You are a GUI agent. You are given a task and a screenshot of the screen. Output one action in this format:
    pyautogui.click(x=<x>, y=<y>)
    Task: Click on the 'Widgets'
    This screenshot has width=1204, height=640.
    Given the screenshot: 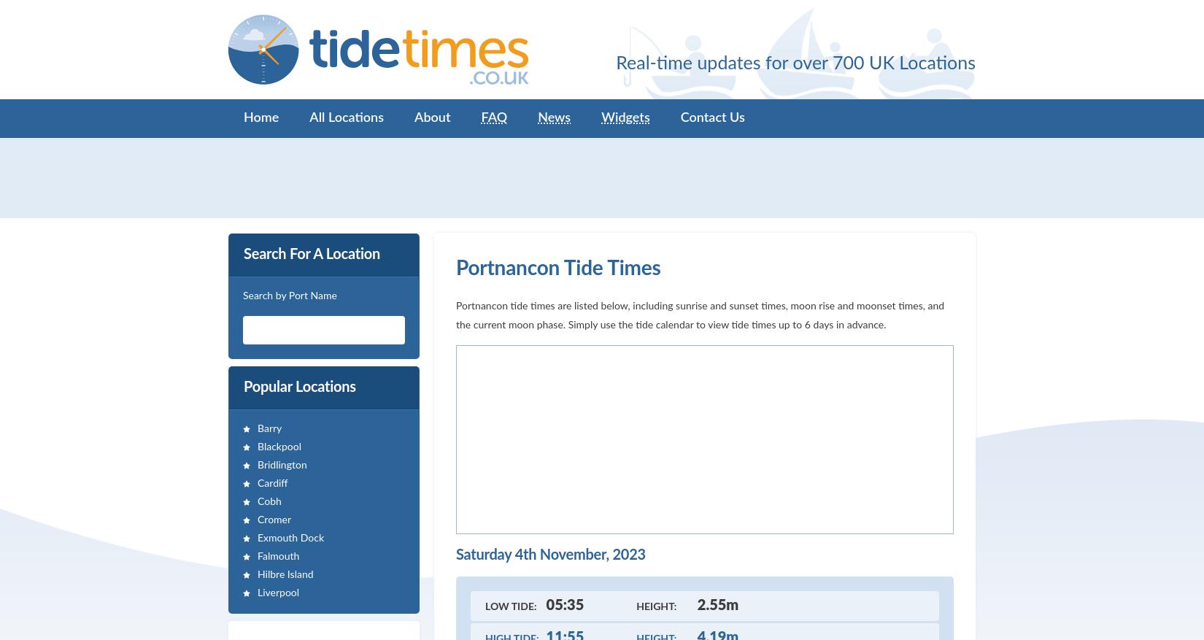 What is the action you would take?
    pyautogui.click(x=625, y=117)
    